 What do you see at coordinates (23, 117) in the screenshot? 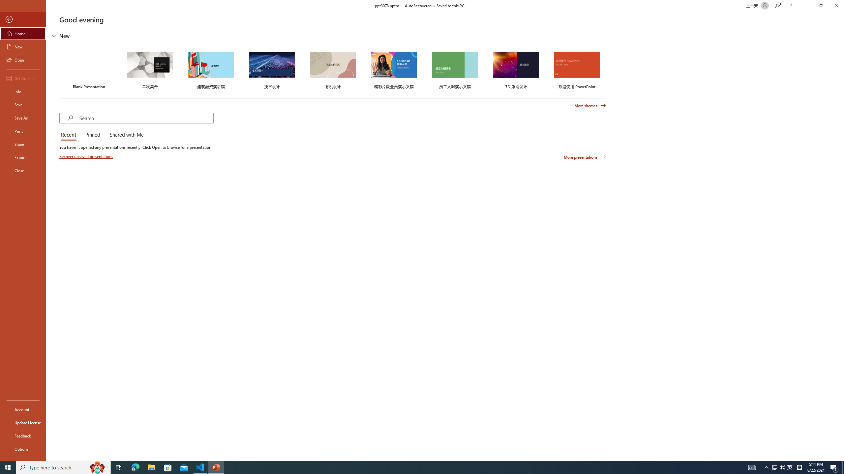
I see `'Save As'` at bounding box center [23, 117].